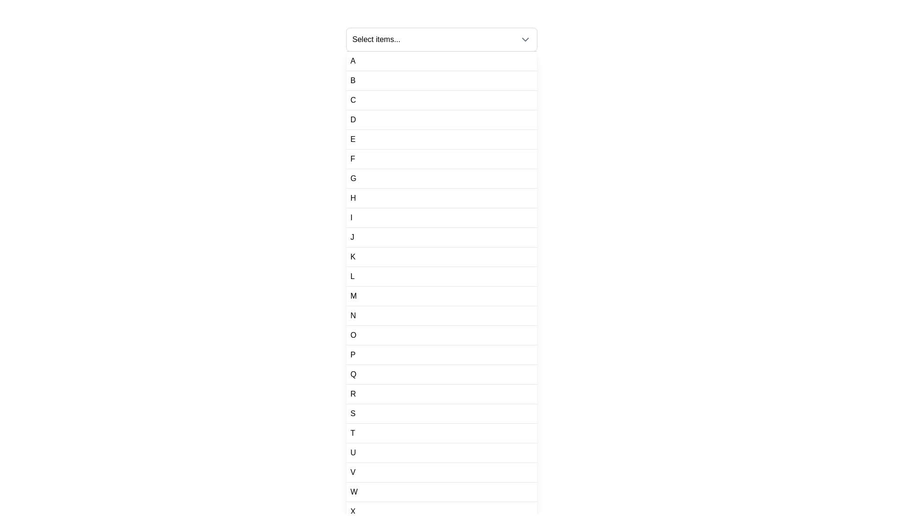  What do you see at coordinates (441, 179) in the screenshot?
I see `the seventh item in the dropdown menu, located between the items labeled 'F' and 'H', by clicking on it` at bounding box center [441, 179].